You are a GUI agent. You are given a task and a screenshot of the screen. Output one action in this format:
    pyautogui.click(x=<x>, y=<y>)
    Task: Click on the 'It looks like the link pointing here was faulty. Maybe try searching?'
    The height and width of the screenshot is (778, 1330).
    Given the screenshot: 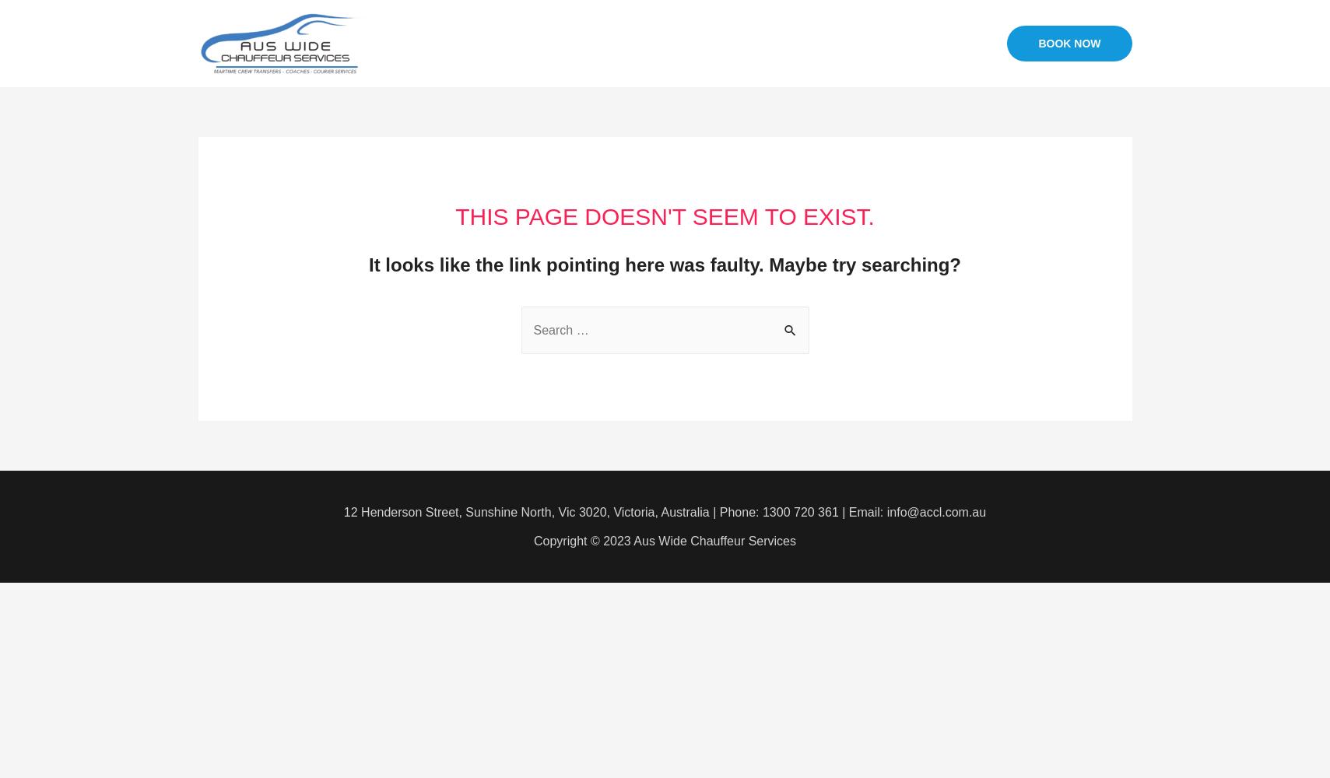 What is the action you would take?
    pyautogui.click(x=663, y=264)
    